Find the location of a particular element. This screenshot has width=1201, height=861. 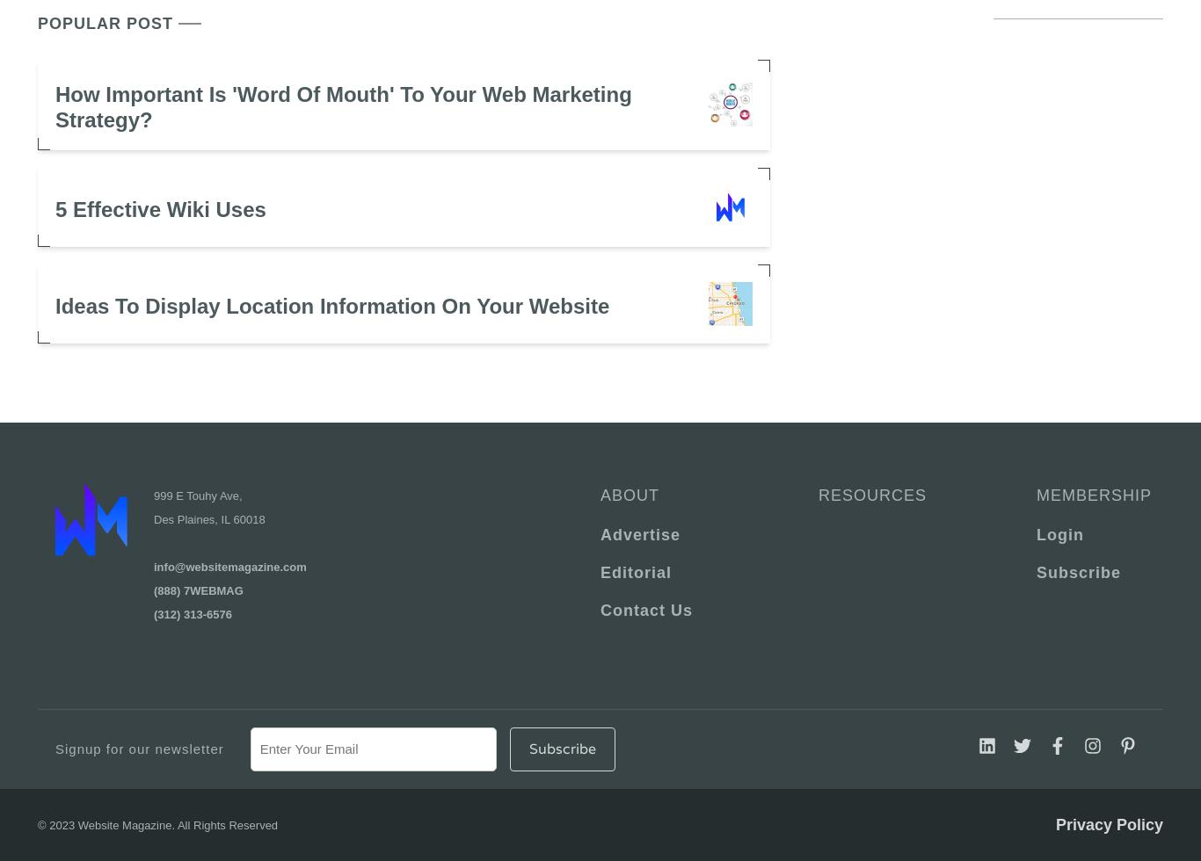

'(888) 7WEBMAG' is located at coordinates (197, 590).